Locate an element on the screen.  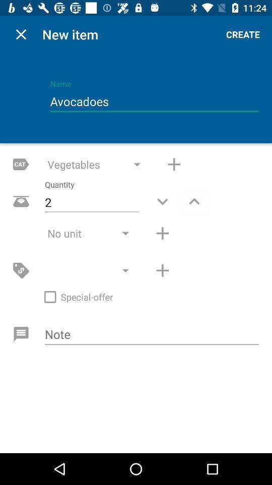
unit amount is located at coordinates (162, 233).